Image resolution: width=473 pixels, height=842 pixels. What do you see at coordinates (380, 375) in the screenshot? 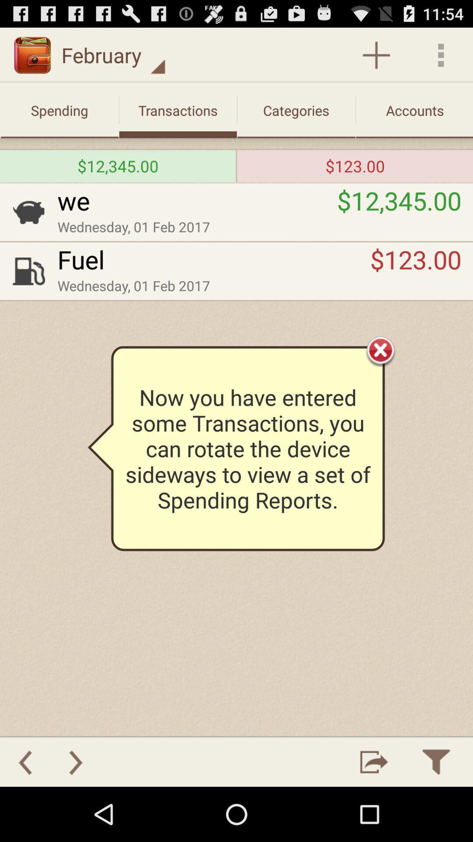
I see `the close icon` at bounding box center [380, 375].